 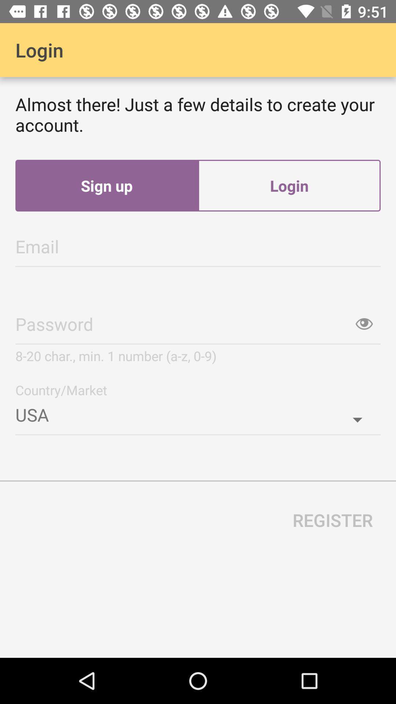 I want to click on the register icon, so click(x=333, y=520).